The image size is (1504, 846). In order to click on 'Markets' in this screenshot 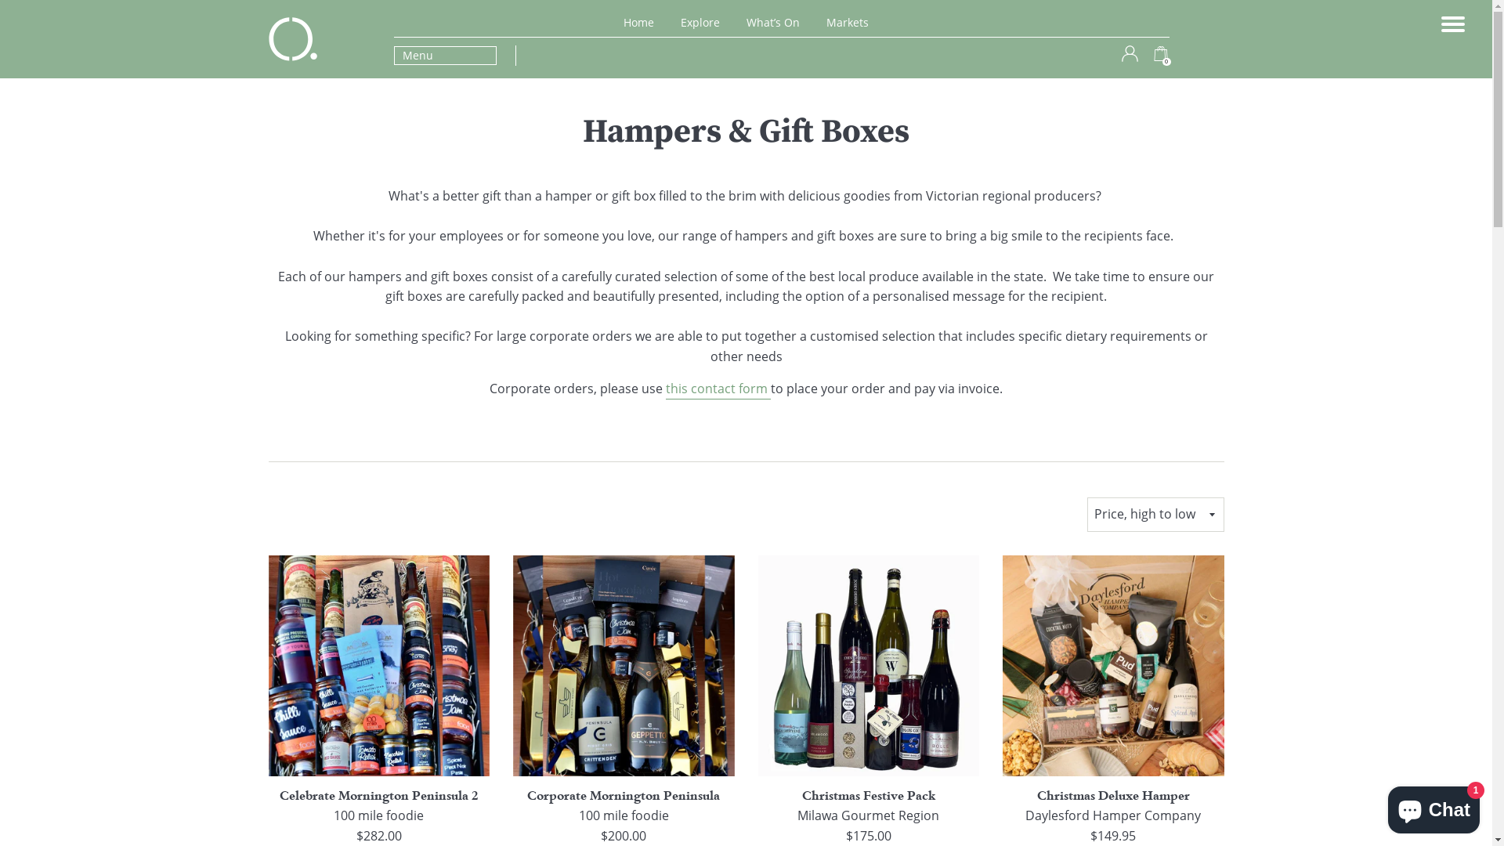, I will do `click(846, 22)`.